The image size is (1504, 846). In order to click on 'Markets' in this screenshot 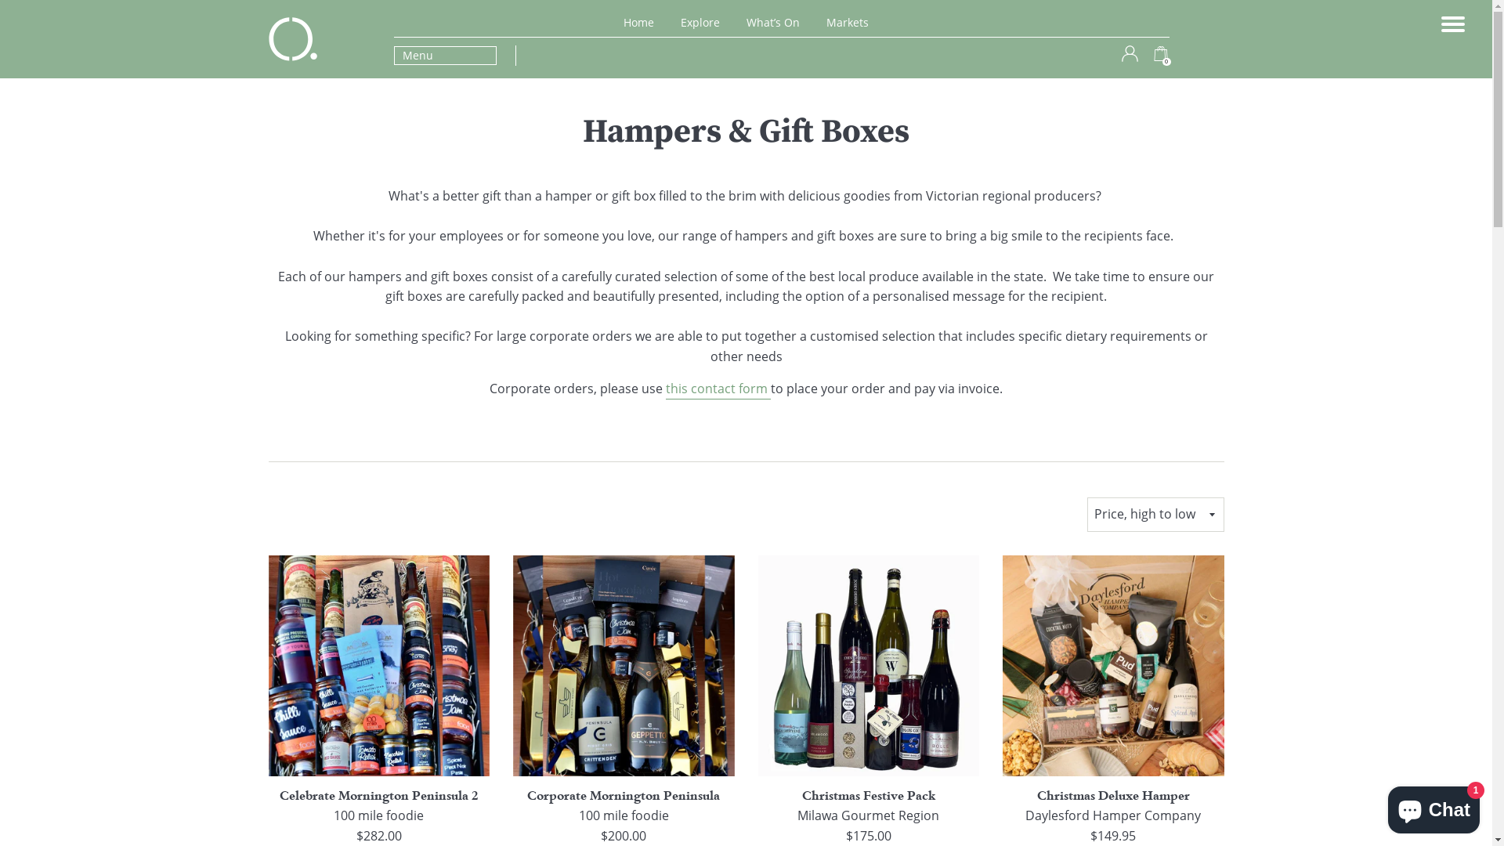, I will do `click(846, 22)`.